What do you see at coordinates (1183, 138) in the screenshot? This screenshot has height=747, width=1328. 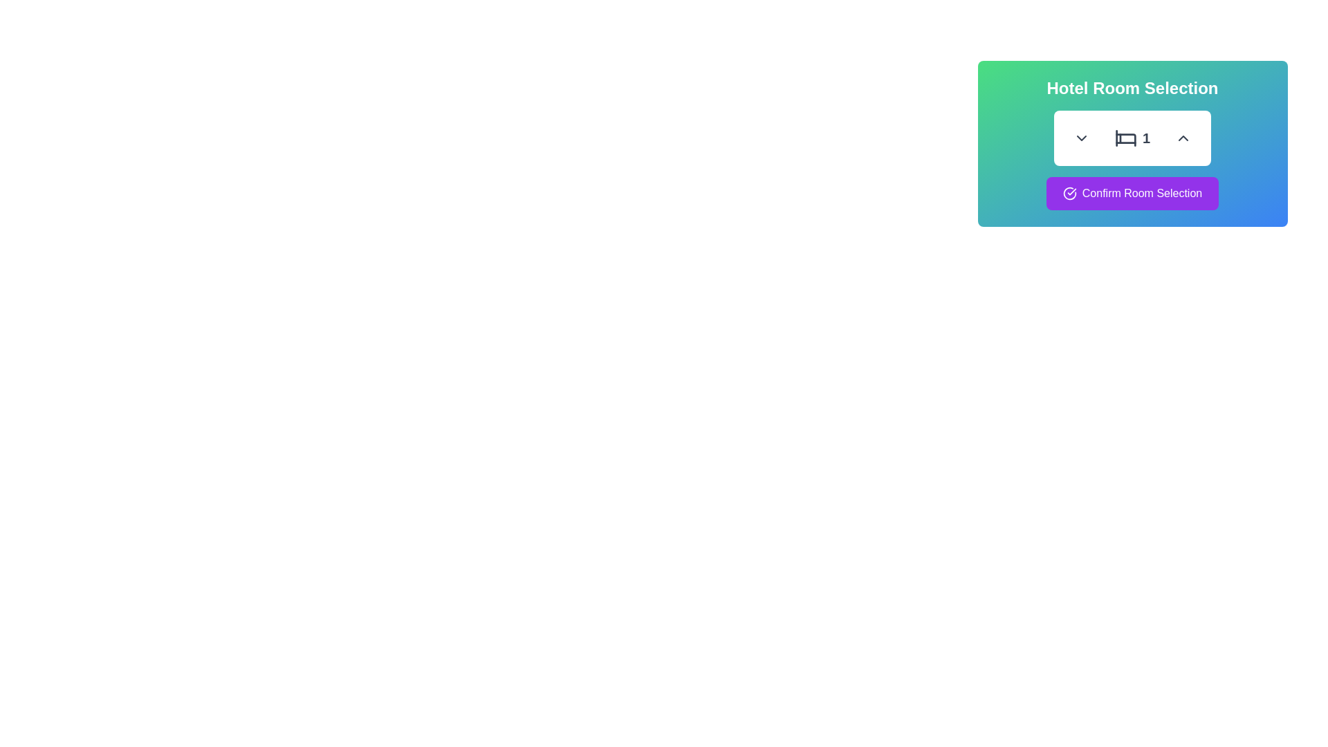 I see `the increment button located at the top right of the 'Hotel Room Selection' section to increase the value or navigate upwards` at bounding box center [1183, 138].